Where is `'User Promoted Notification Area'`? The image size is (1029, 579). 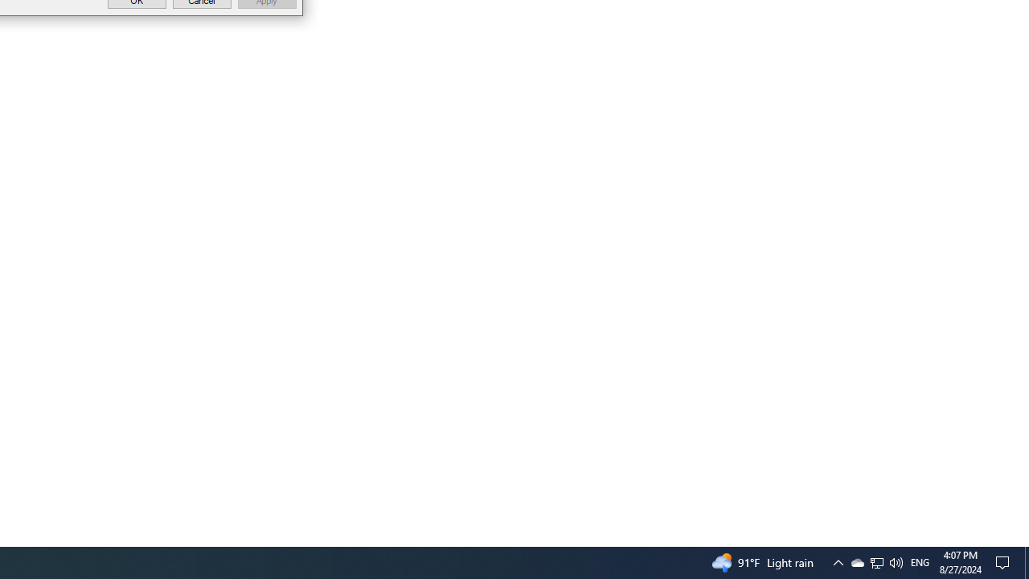 'User Promoted Notification Area' is located at coordinates (856, 561).